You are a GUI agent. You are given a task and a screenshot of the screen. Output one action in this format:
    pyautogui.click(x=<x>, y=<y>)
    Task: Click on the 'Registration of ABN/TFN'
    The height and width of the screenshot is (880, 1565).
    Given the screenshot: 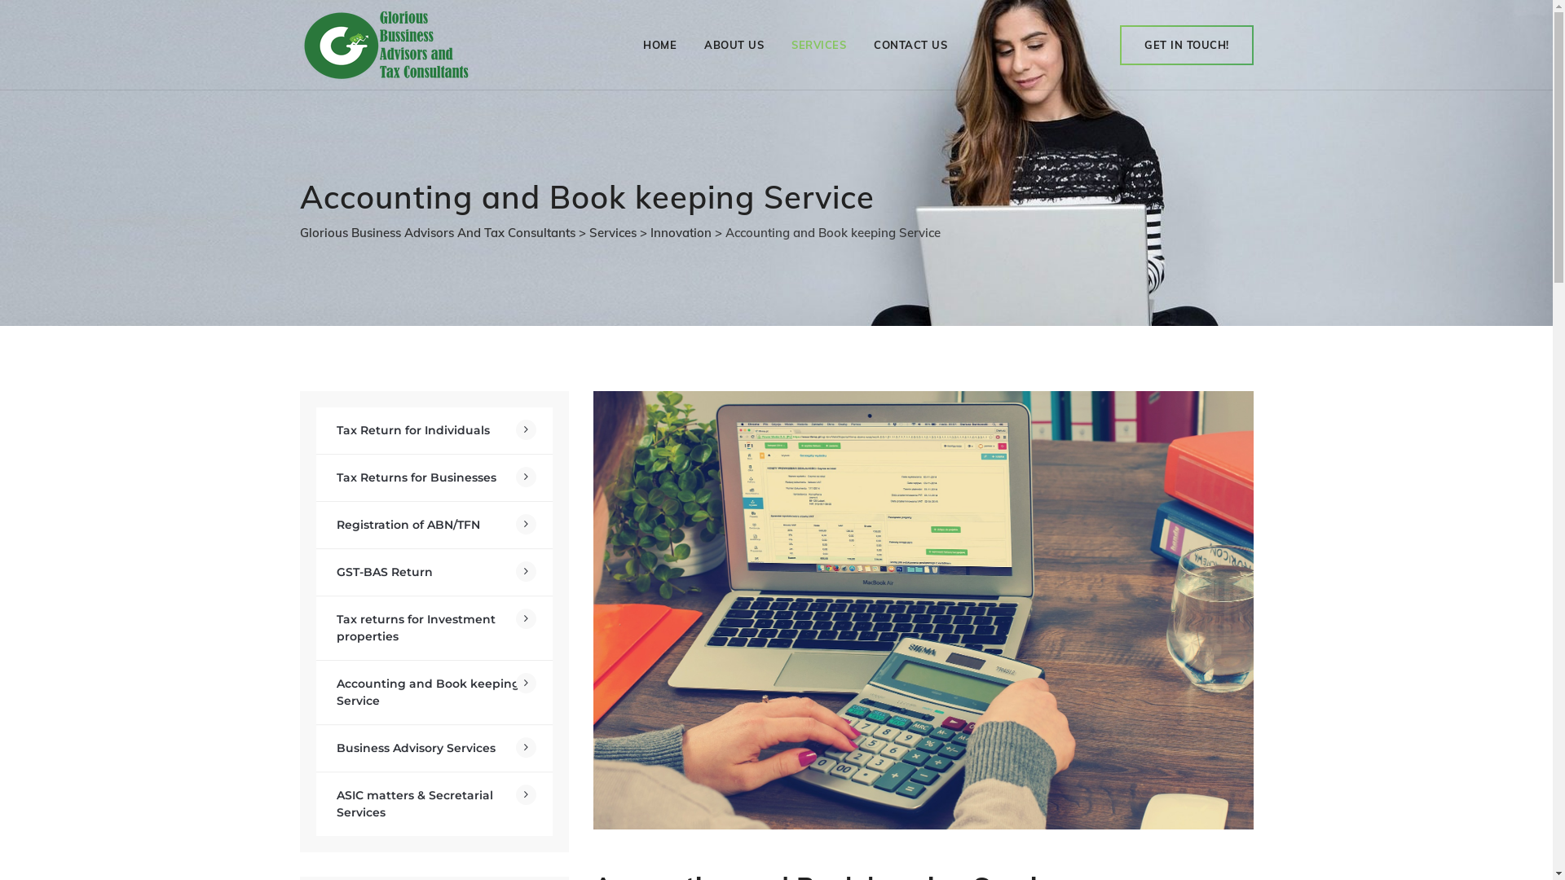 What is the action you would take?
    pyautogui.click(x=434, y=525)
    